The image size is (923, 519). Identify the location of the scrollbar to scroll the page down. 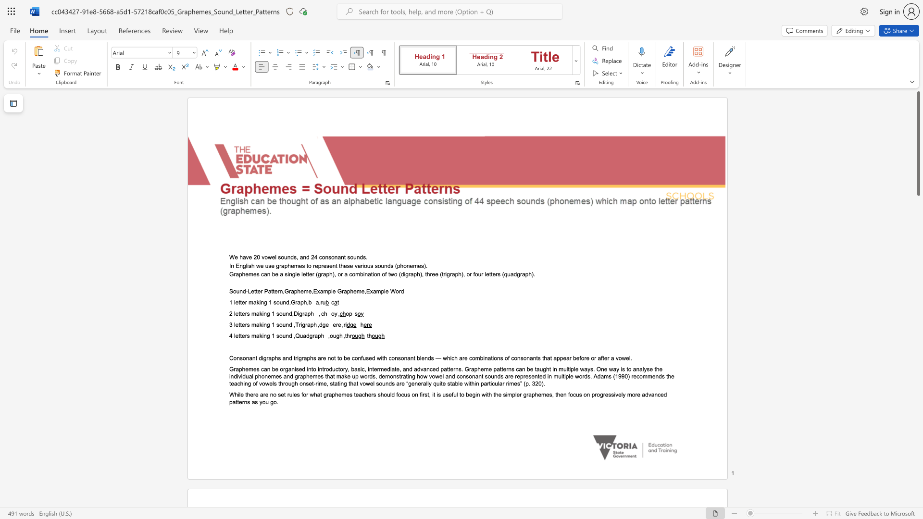
(918, 413).